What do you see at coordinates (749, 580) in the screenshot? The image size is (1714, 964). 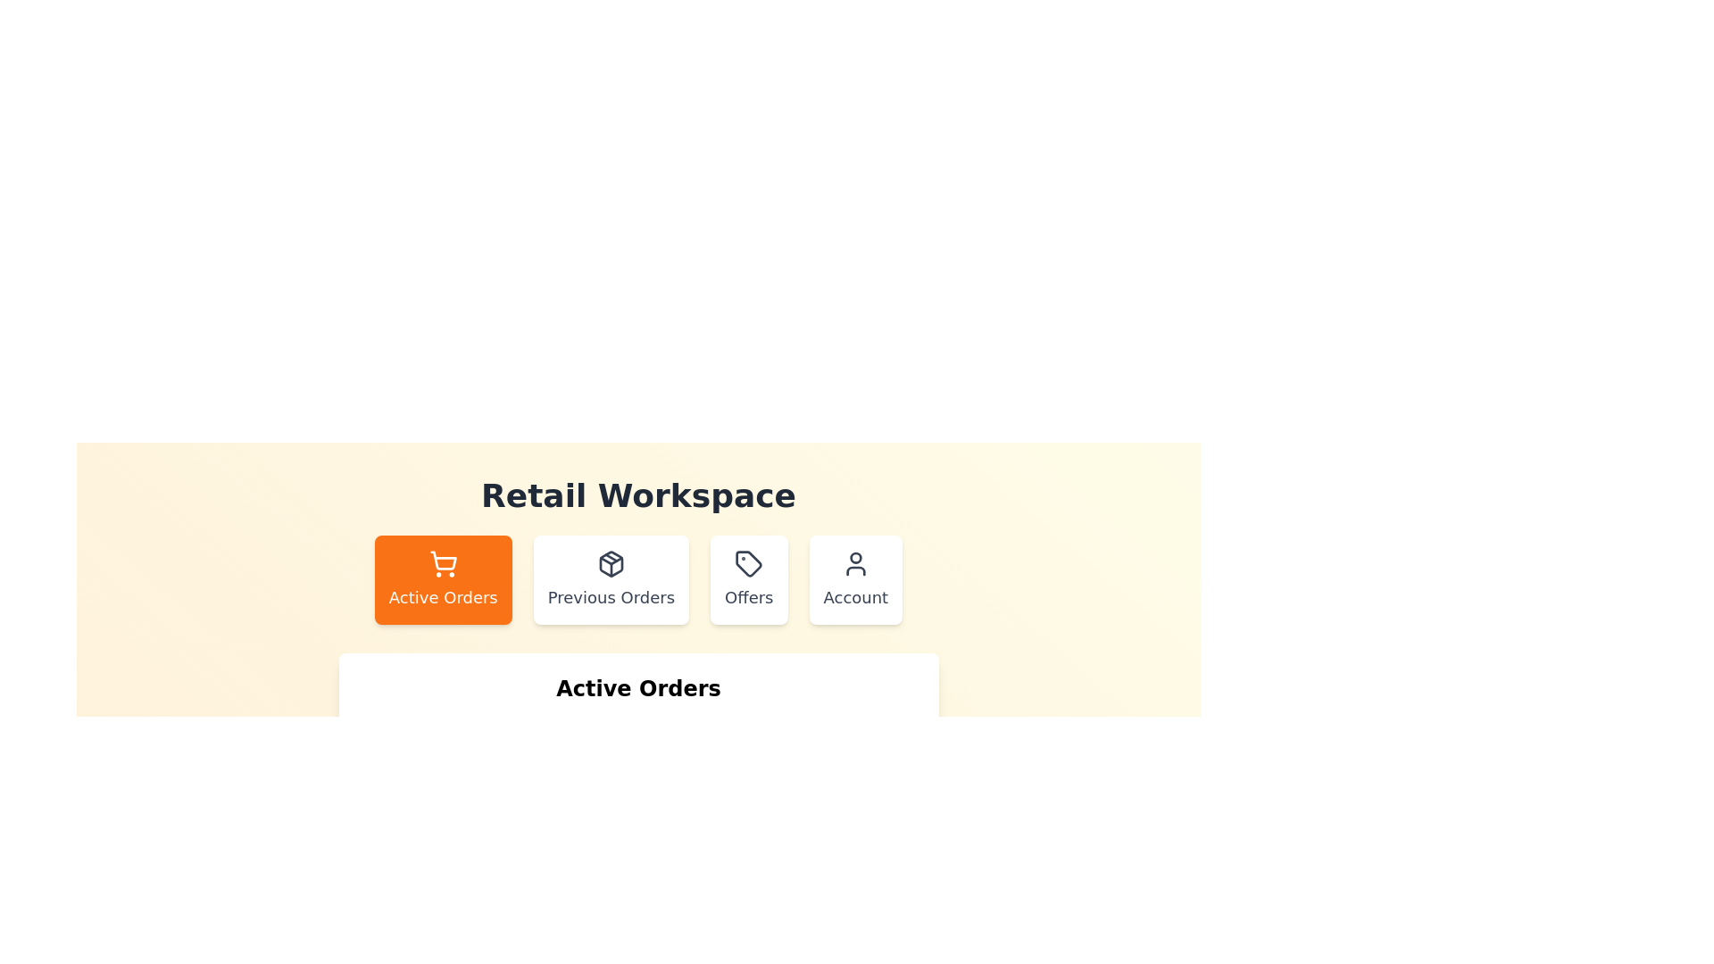 I see `the Offers tab to observe its visual change` at bounding box center [749, 580].